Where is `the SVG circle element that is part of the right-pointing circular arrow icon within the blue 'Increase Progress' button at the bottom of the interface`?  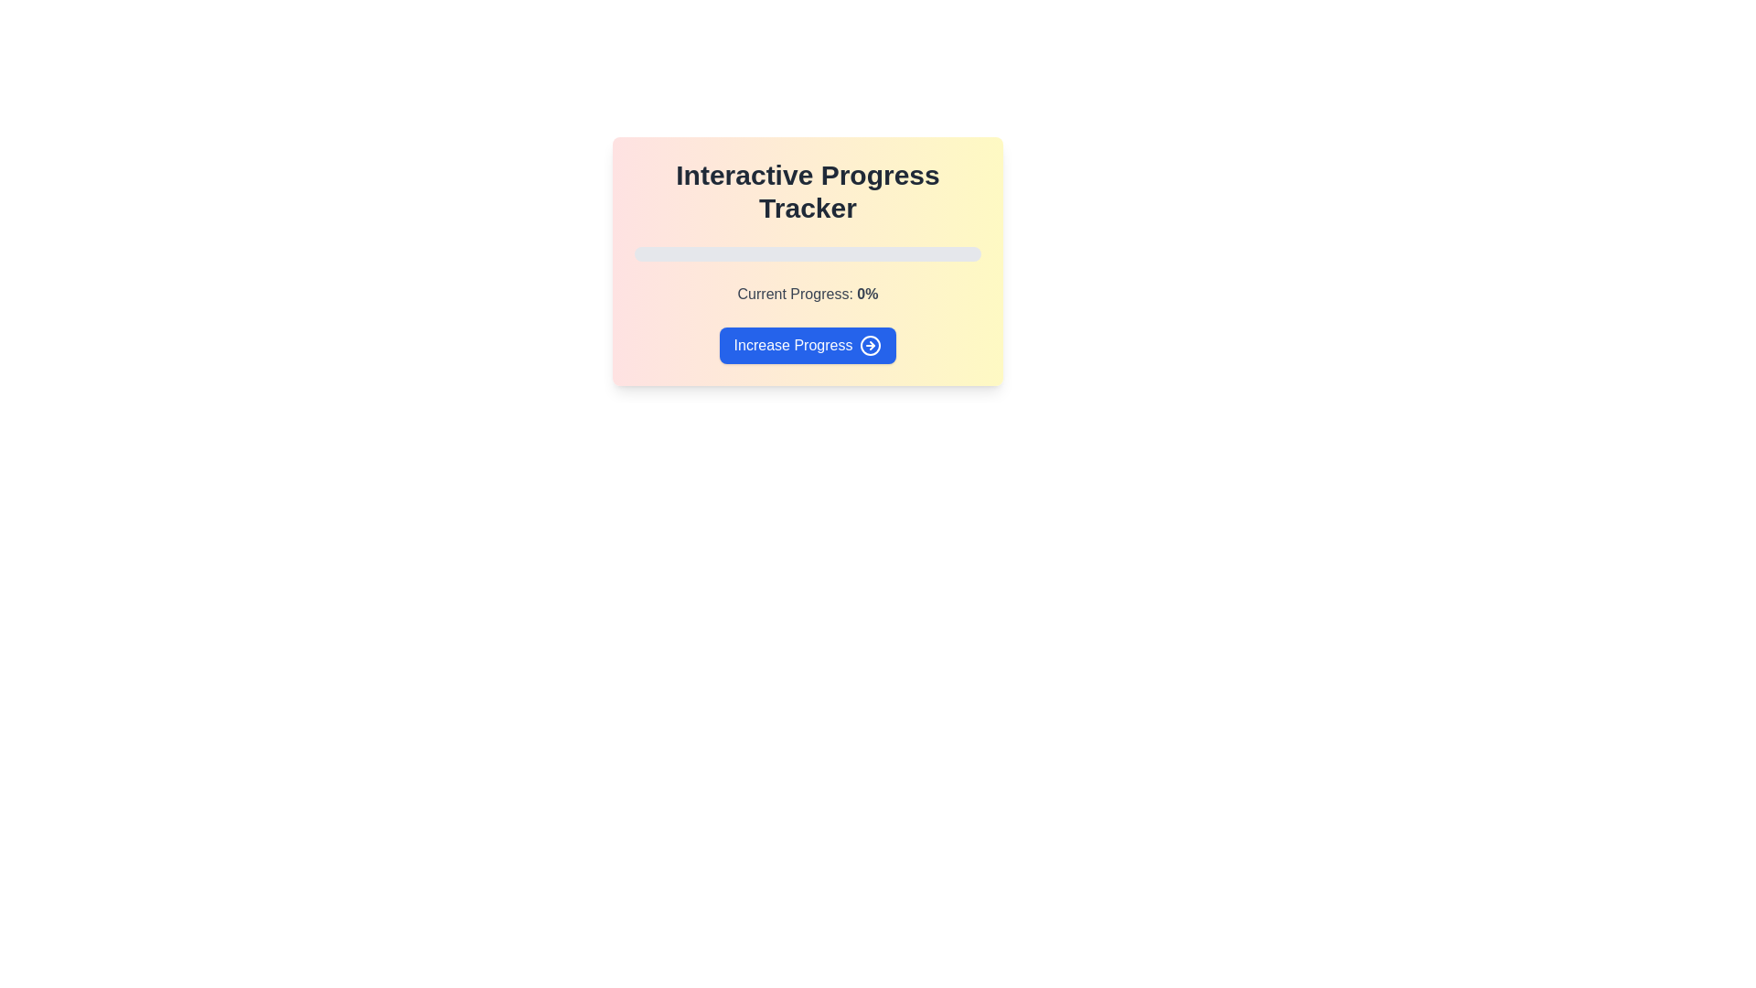
the SVG circle element that is part of the right-pointing circular arrow icon within the blue 'Increase Progress' button at the bottom of the interface is located at coordinates (870, 346).